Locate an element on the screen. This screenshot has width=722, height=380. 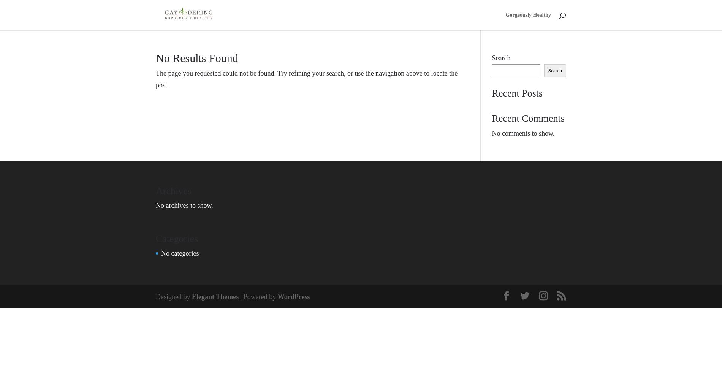
'WordPress' is located at coordinates (293, 296).